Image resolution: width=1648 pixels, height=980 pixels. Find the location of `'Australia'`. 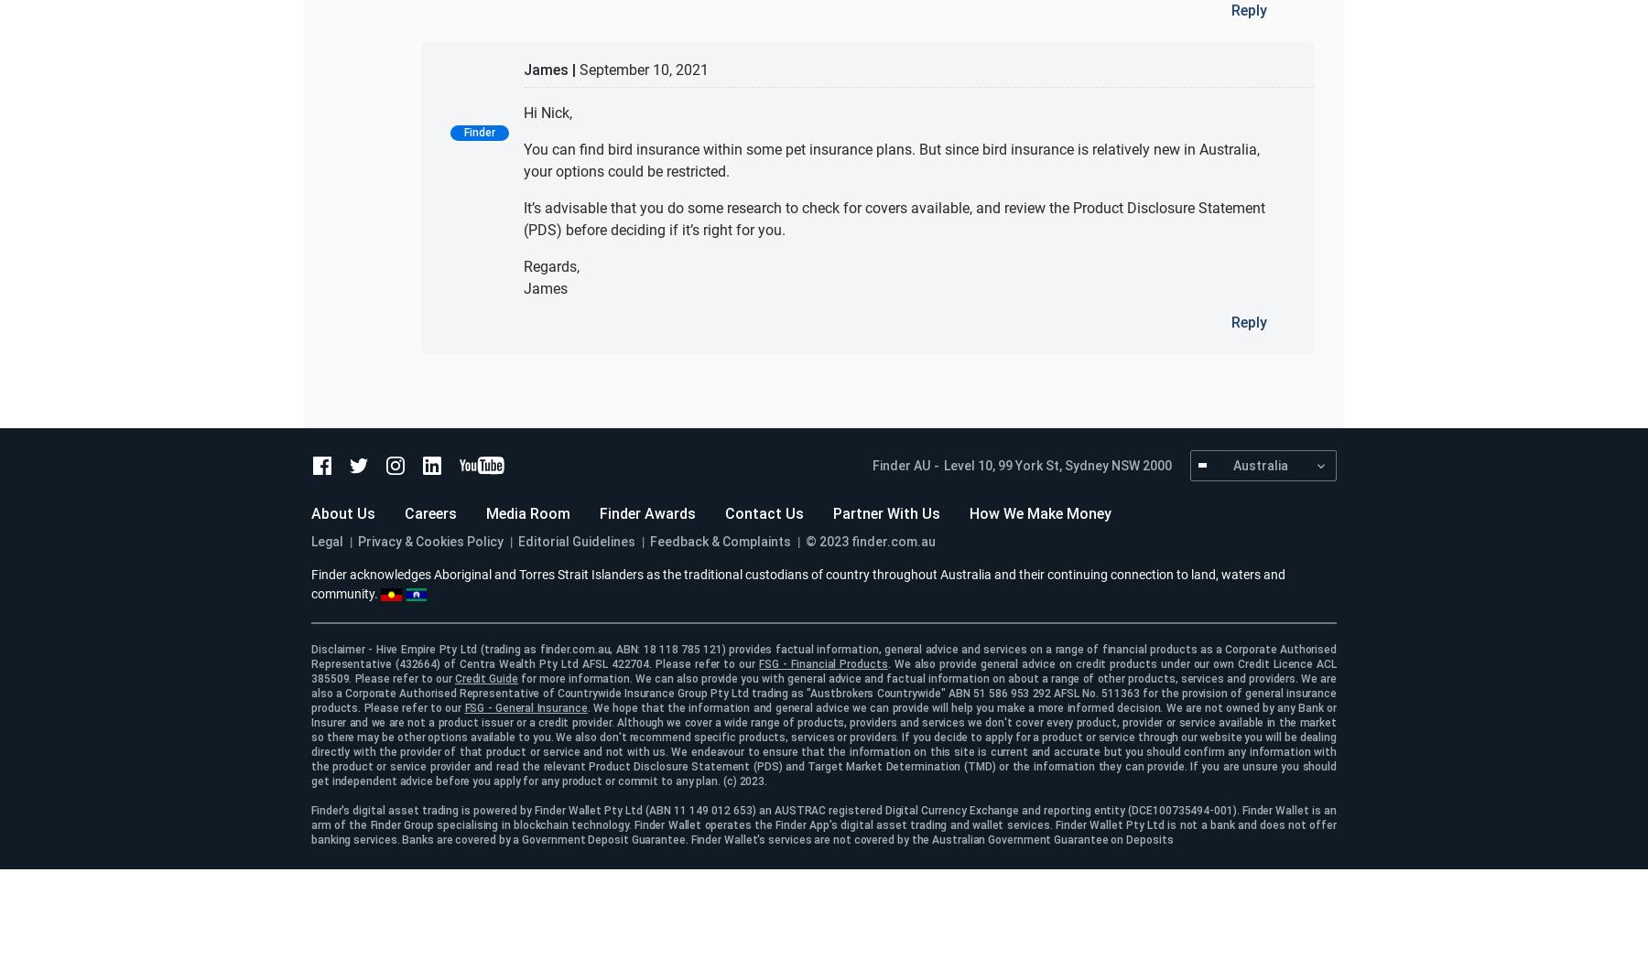

'Australia' is located at coordinates (1232, 463).